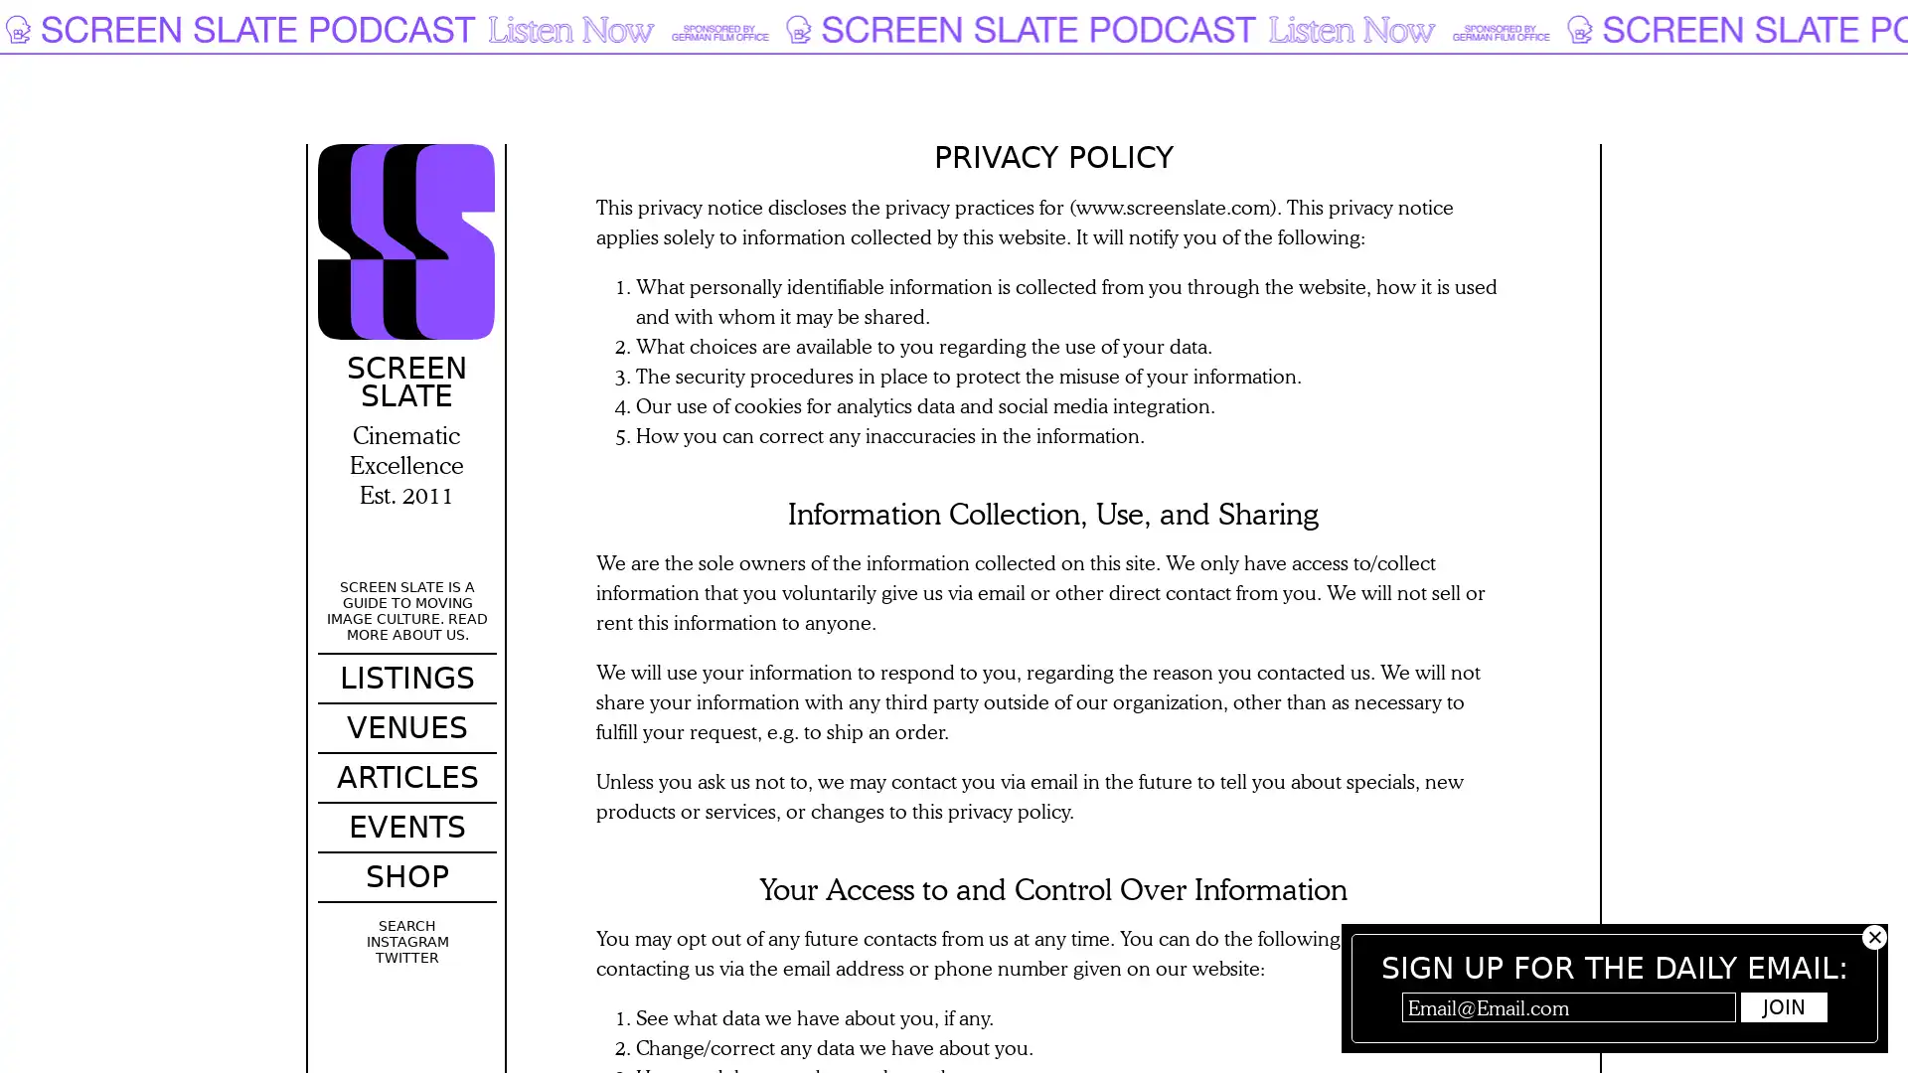 This screenshot has height=1073, width=1908. What do you see at coordinates (1784, 1007) in the screenshot?
I see `Join` at bounding box center [1784, 1007].